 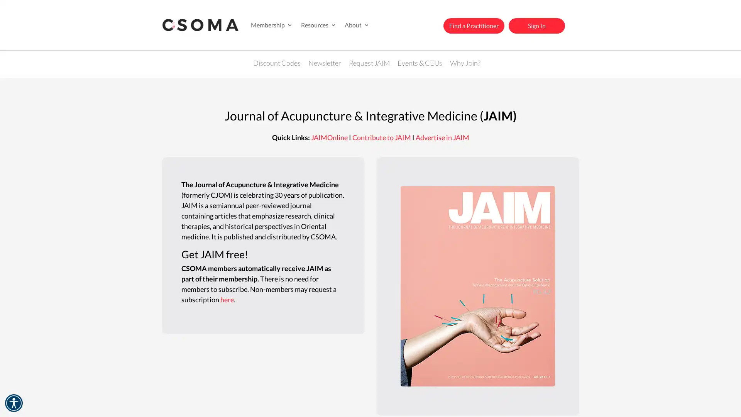 I want to click on Accessibility Menu, so click(x=14, y=403).